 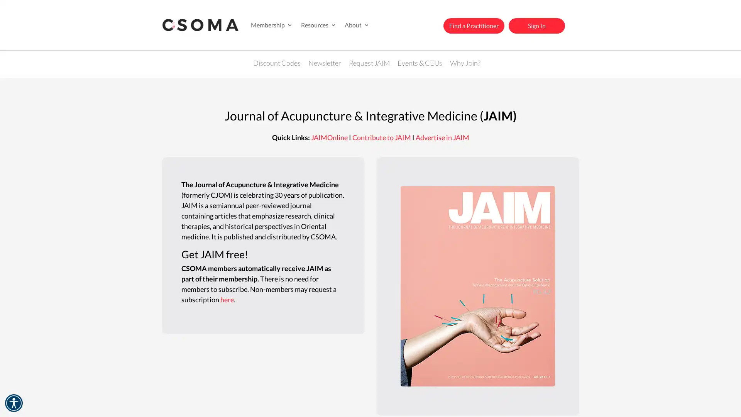 I want to click on Accessibility Menu, so click(x=14, y=403).